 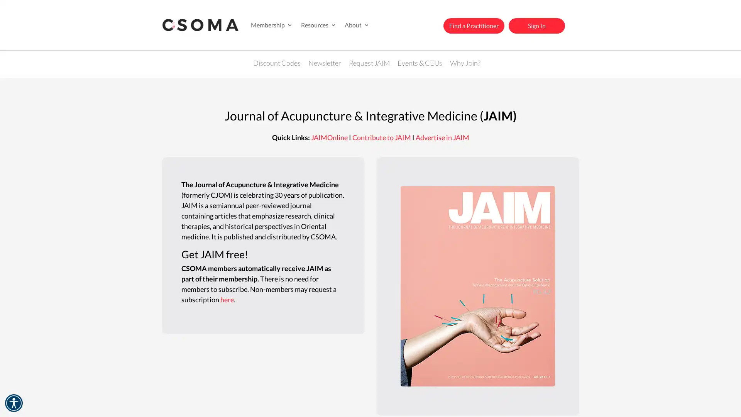 I want to click on Accessibility Menu, so click(x=14, y=403).